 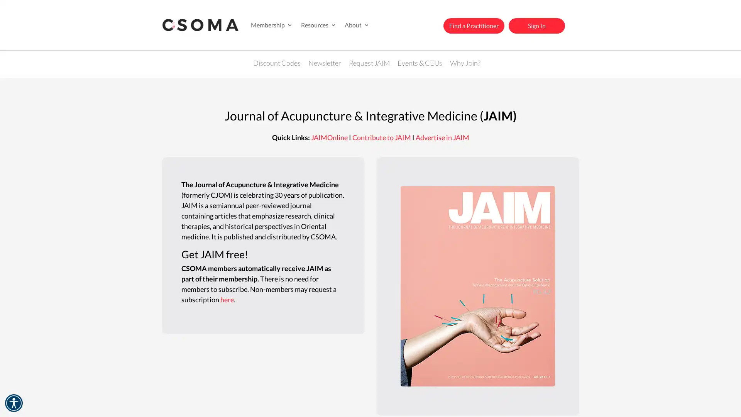 I want to click on Accessibility Menu, so click(x=14, y=403).